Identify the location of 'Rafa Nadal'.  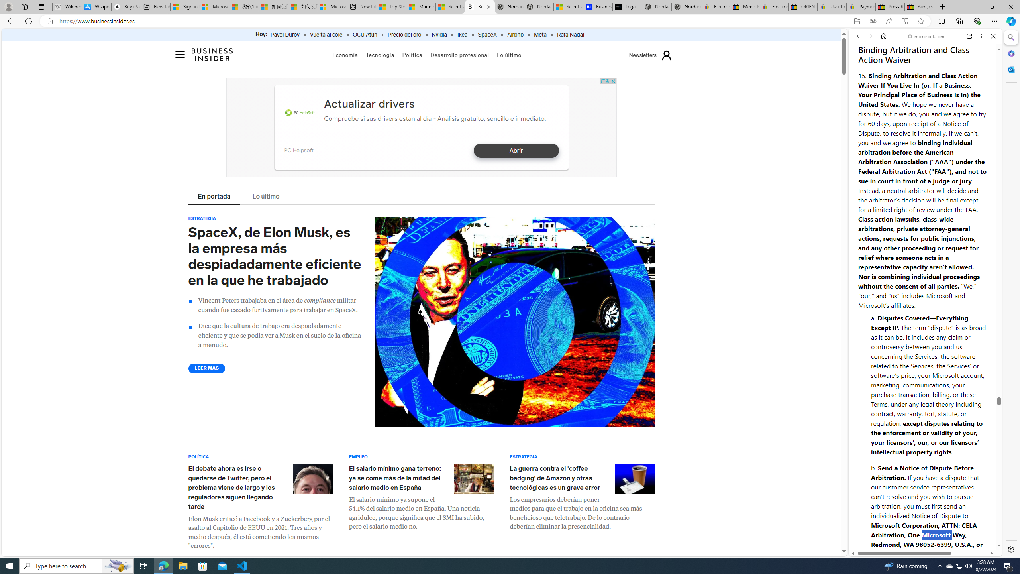
(570, 35).